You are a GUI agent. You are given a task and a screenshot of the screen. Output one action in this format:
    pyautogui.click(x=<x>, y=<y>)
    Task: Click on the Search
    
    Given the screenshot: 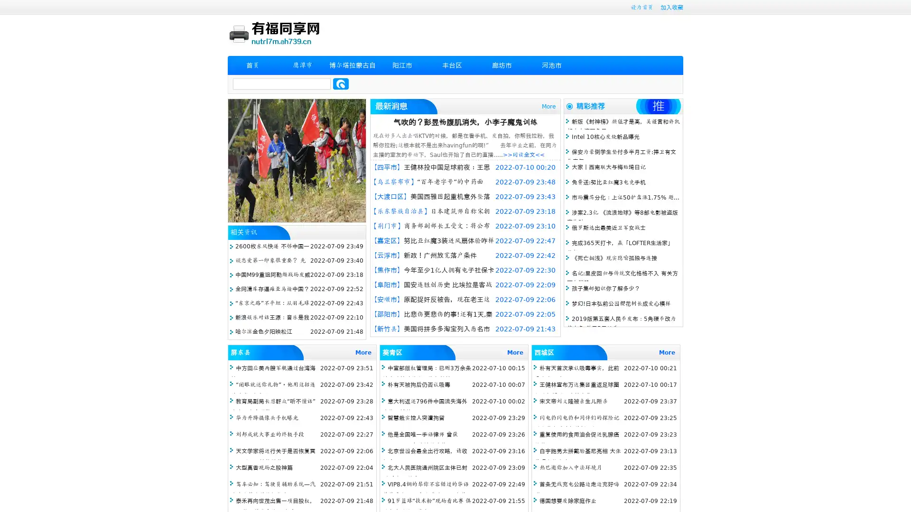 What is the action you would take?
    pyautogui.click(x=341, y=83)
    